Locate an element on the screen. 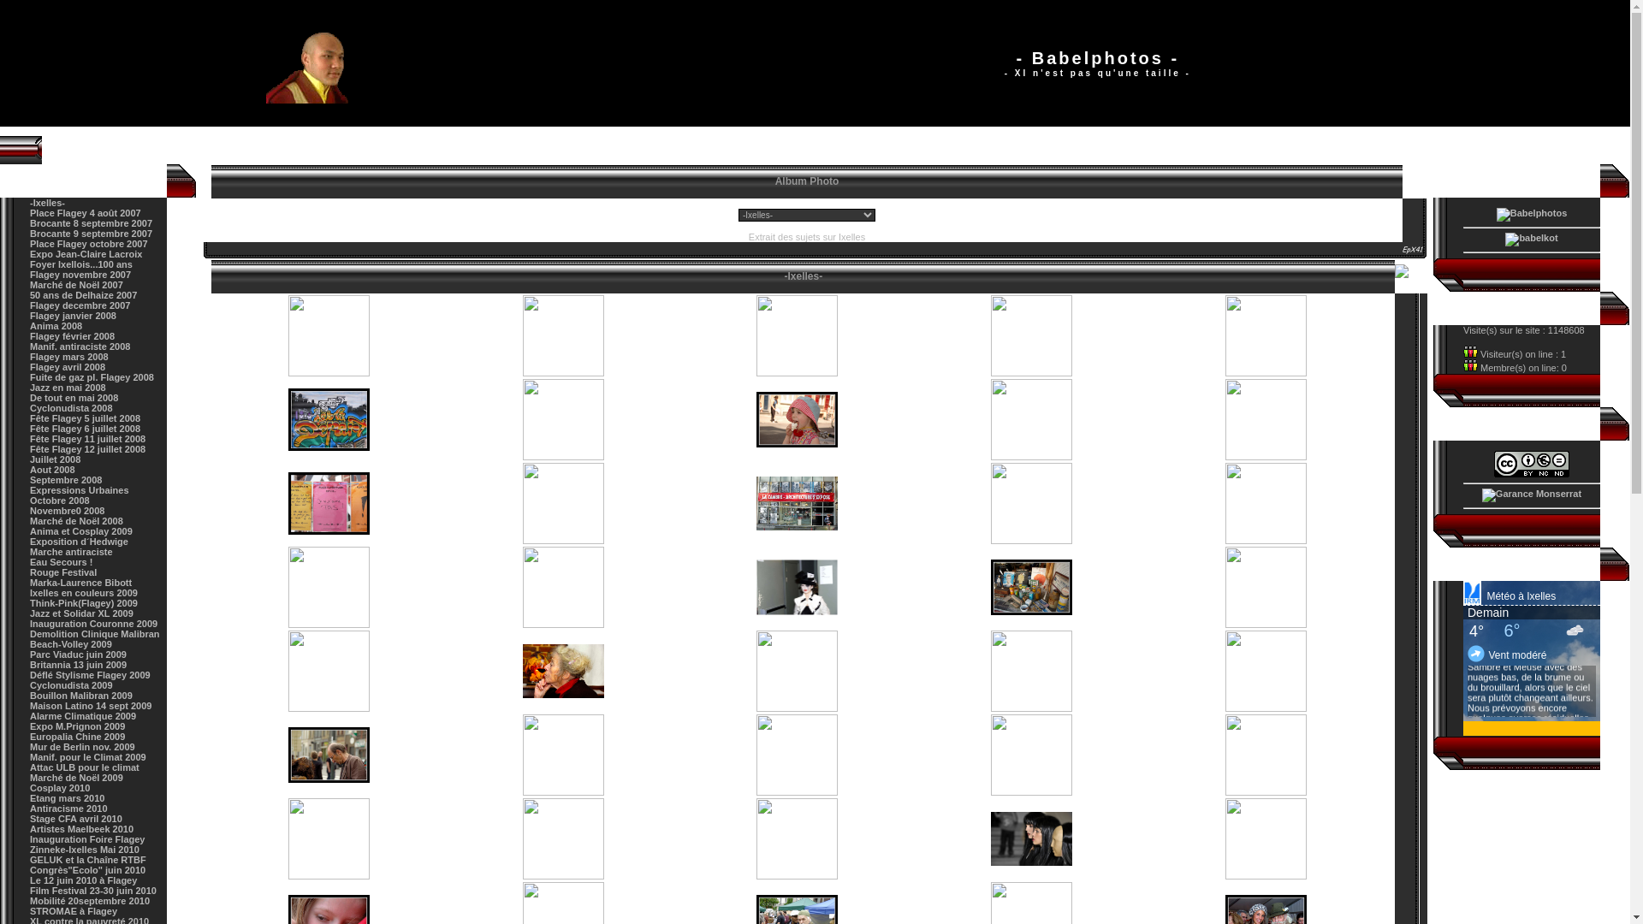 This screenshot has width=1643, height=924. 'Marche antiraciste' is located at coordinates (70, 551).